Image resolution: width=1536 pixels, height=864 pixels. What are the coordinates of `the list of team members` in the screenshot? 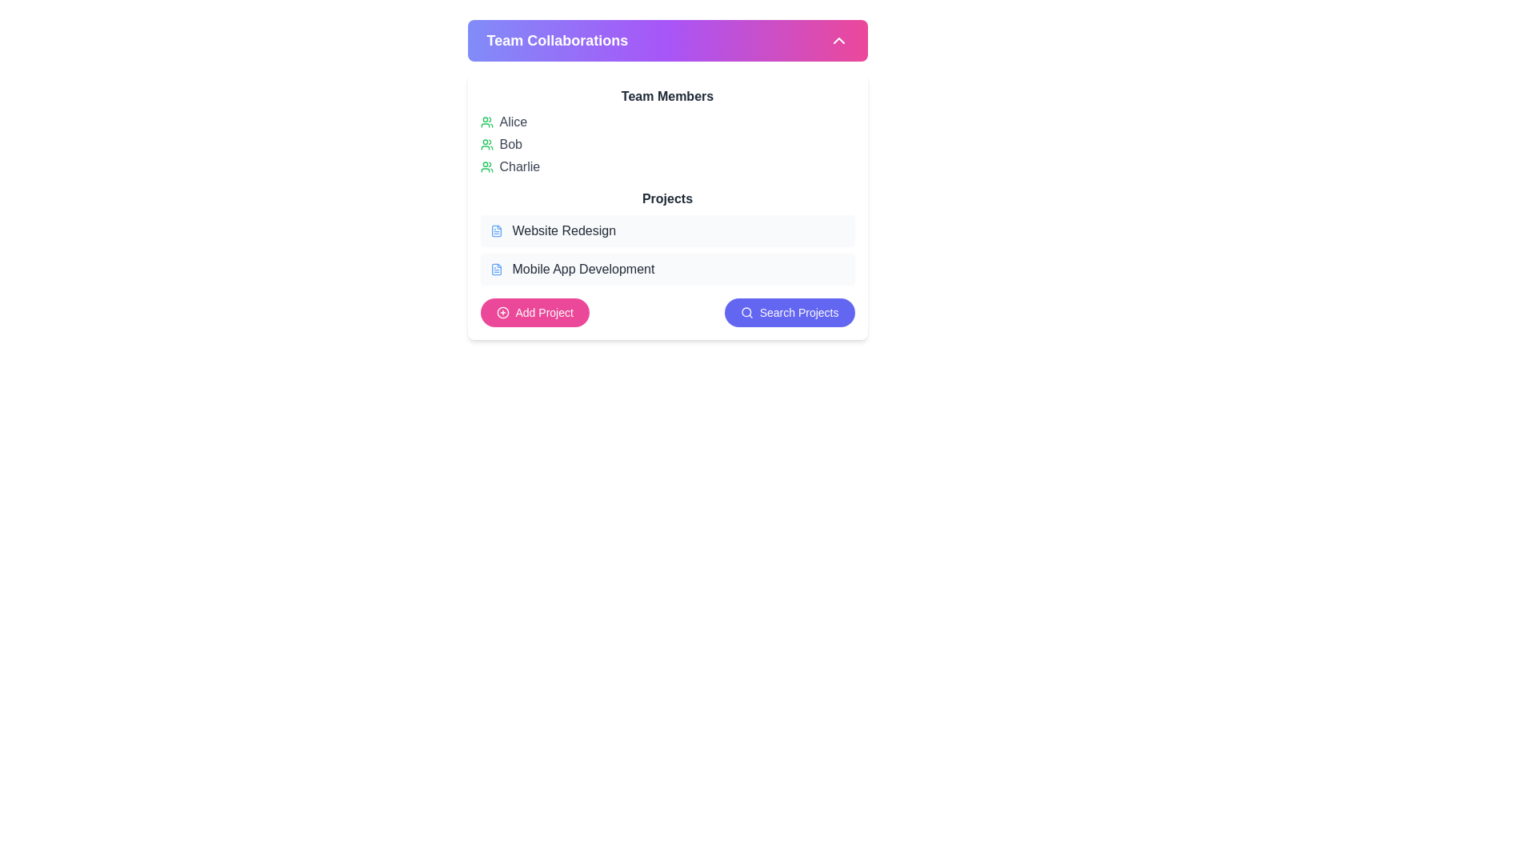 It's located at (667, 145).